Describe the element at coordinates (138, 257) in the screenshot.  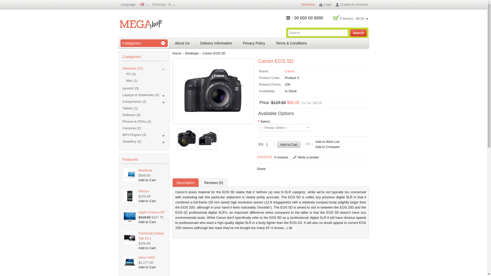
I see `'Sony VAIO'` at that location.